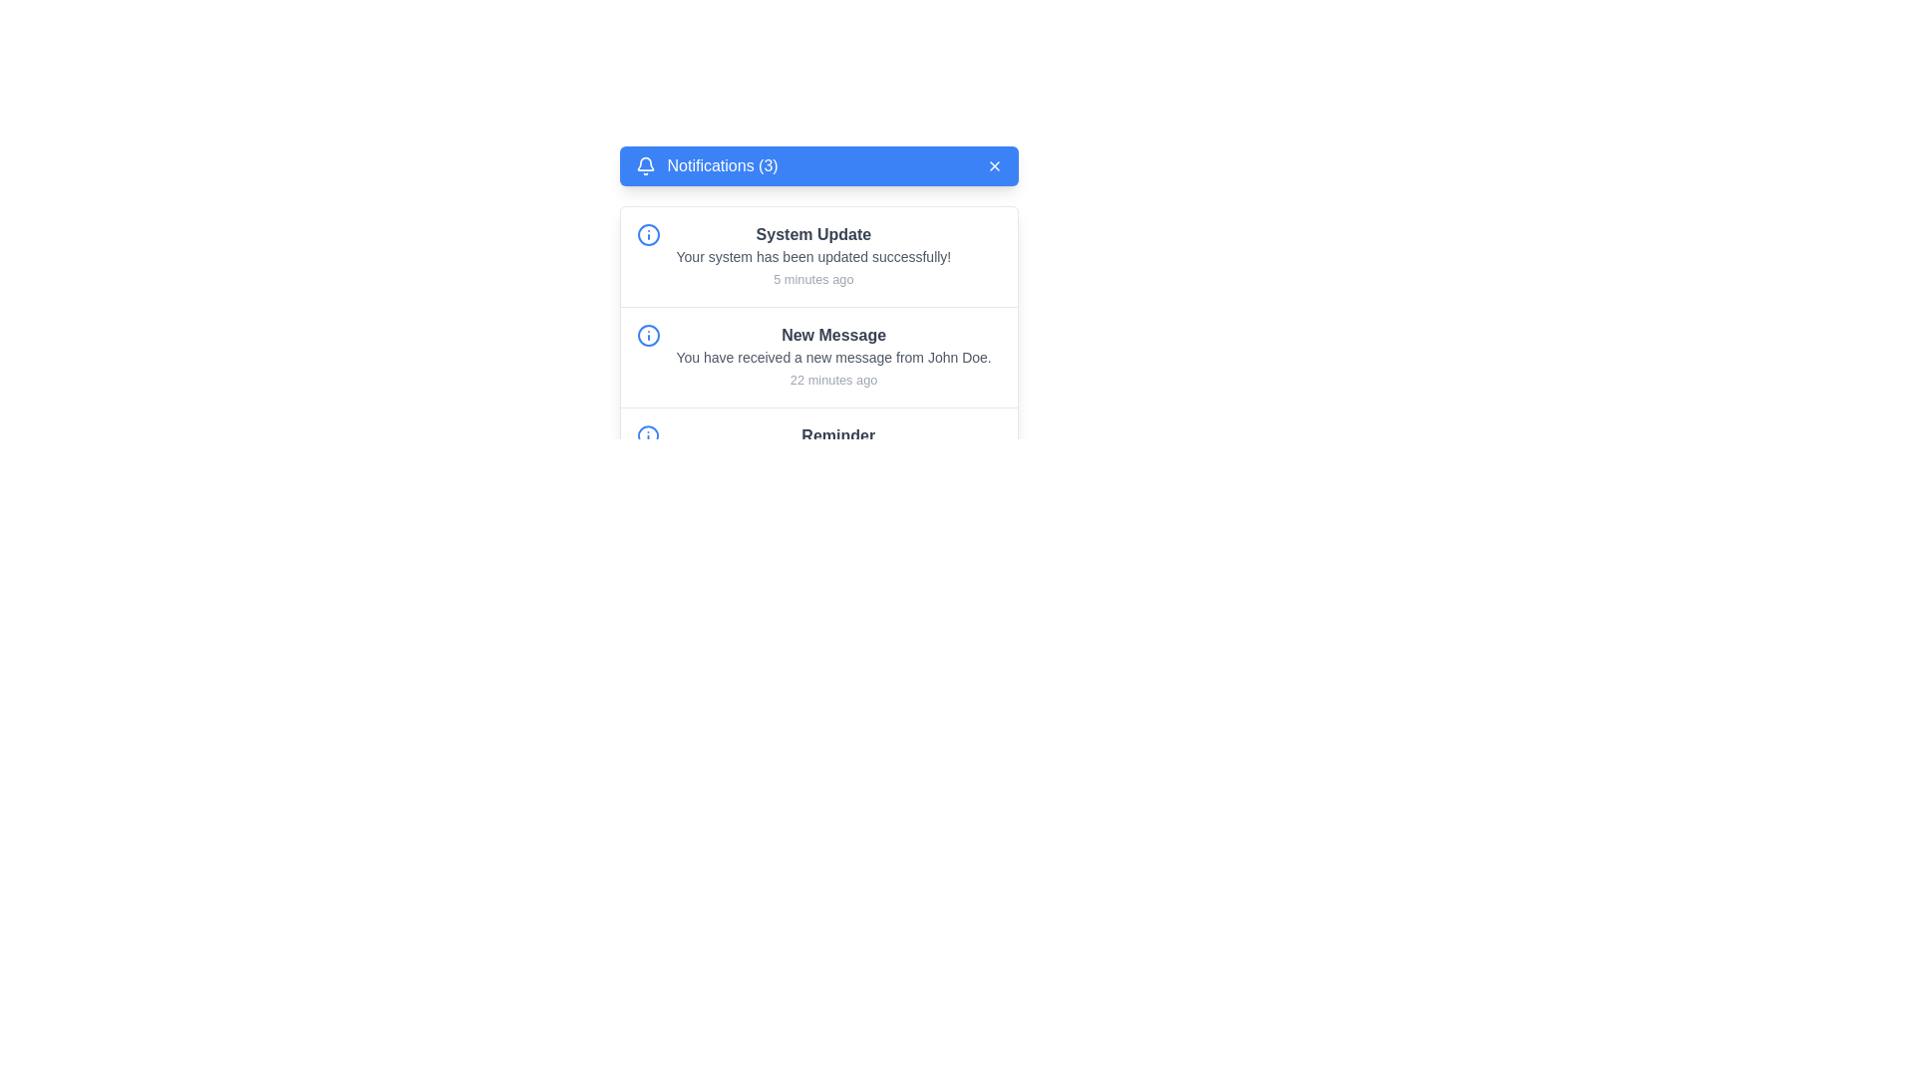 The height and width of the screenshot is (1076, 1914). I want to click on static text label that displays 'System Update' at the top of the notification card, styled in bold gray typography, so click(813, 233).